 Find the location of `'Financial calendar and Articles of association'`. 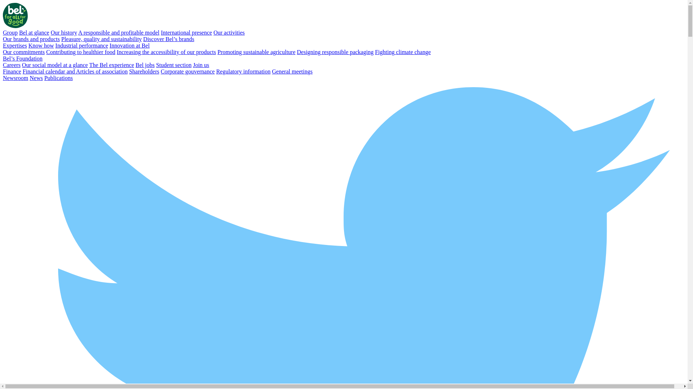

'Financial calendar and Articles of association' is located at coordinates (75, 71).